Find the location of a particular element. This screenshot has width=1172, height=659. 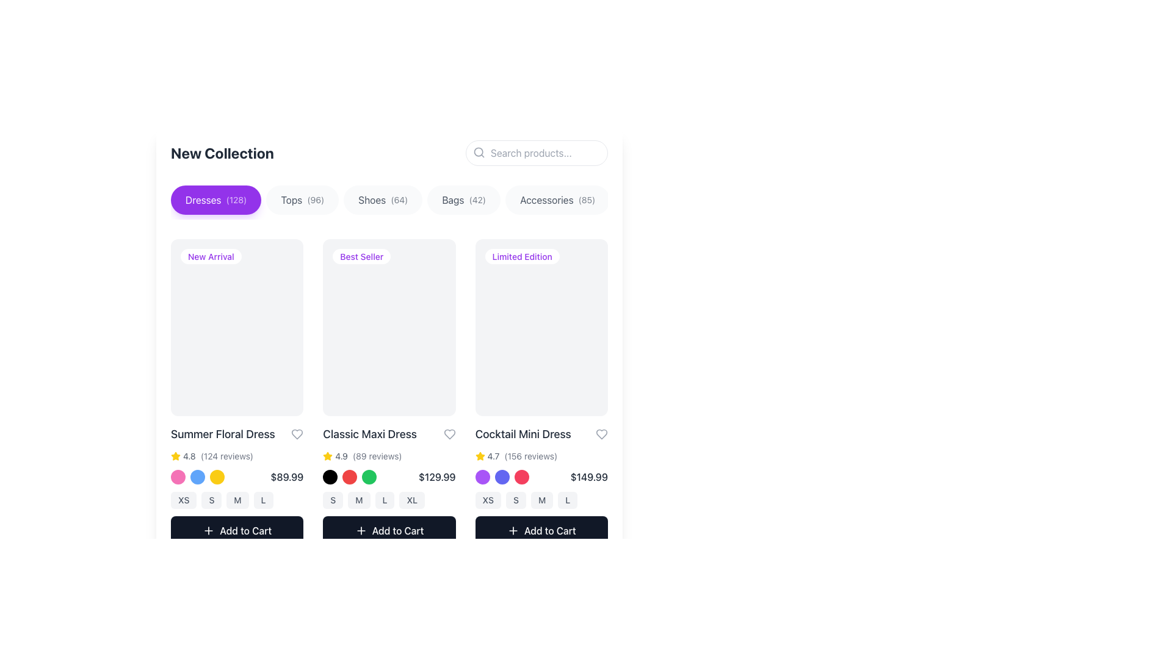

the informational count static text indicating the number of items available in the 'Bags' category, located to the right of the 'Bags' label in the upper-central part of the page is located at coordinates (477, 199).